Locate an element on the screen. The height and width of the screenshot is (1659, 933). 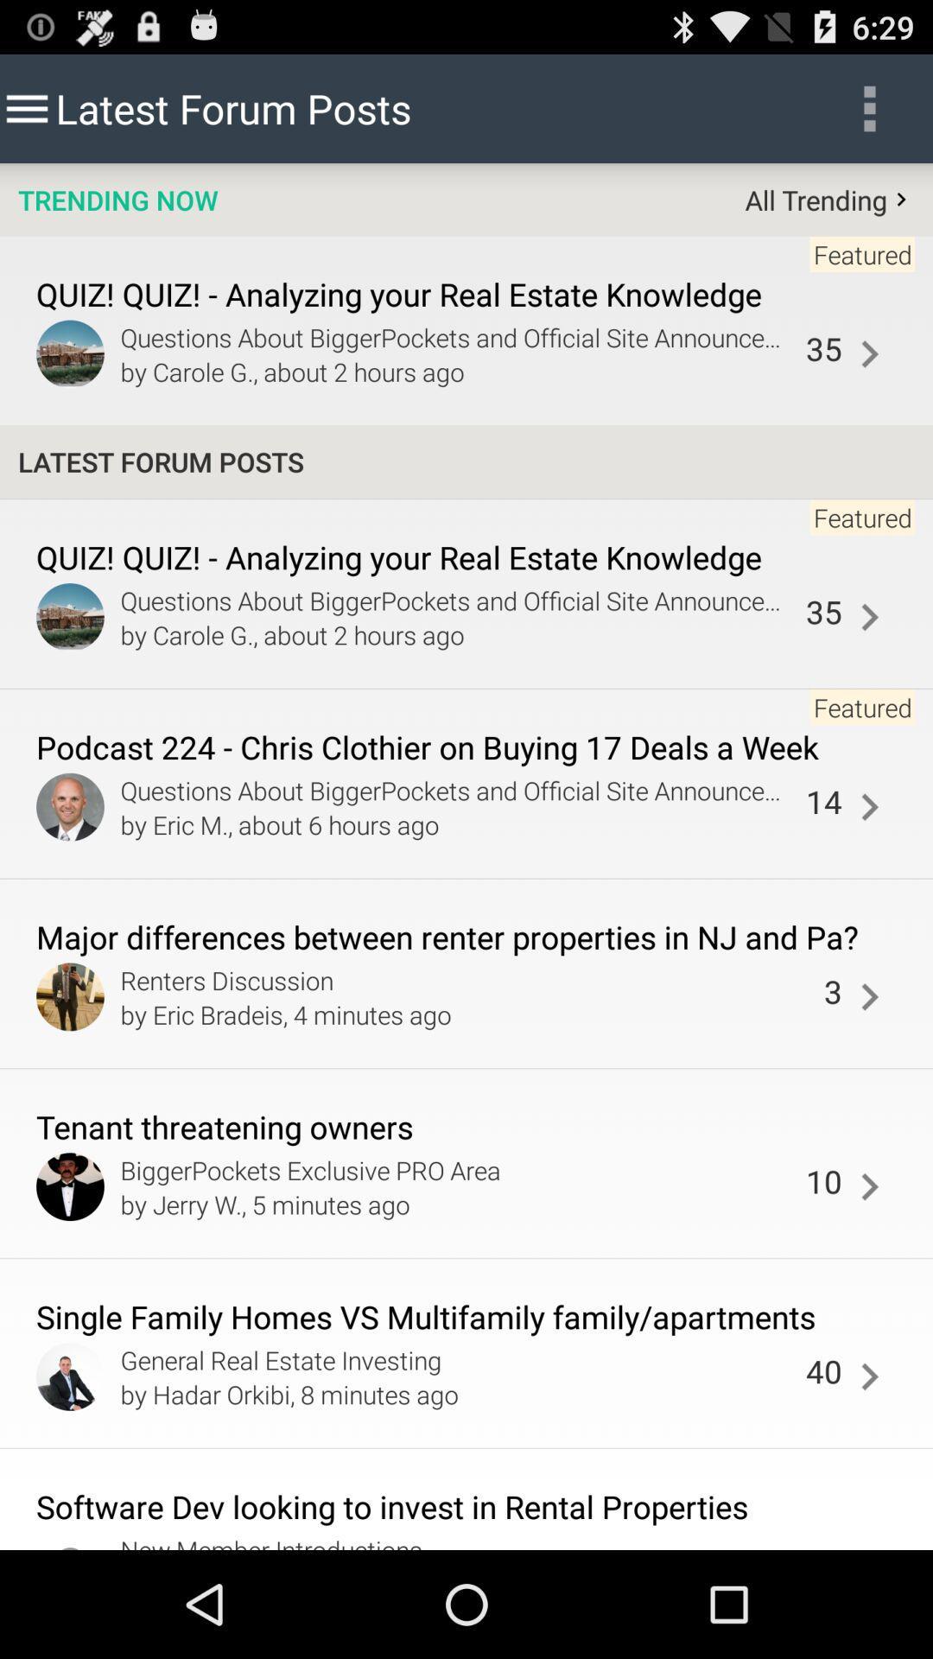
item next to all trending is located at coordinates (117, 200).